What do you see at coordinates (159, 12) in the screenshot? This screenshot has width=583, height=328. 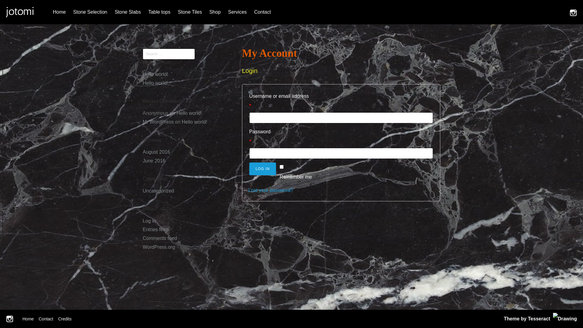 I see `'Table tops'` at bounding box center [159, 12].